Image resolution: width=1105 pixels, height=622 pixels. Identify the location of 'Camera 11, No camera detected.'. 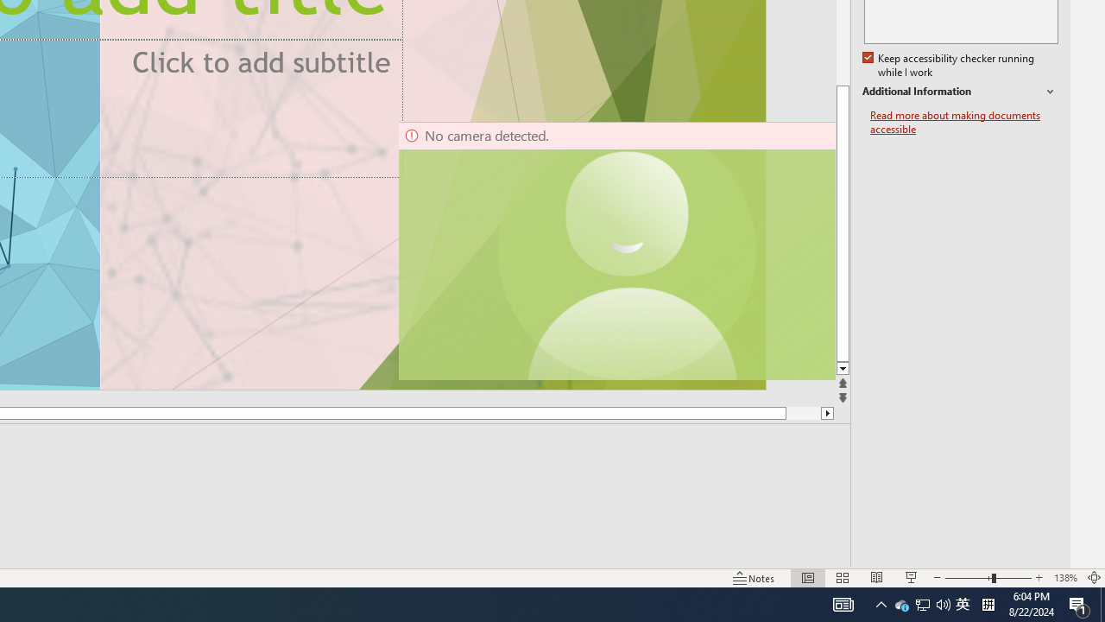
(627, 251).